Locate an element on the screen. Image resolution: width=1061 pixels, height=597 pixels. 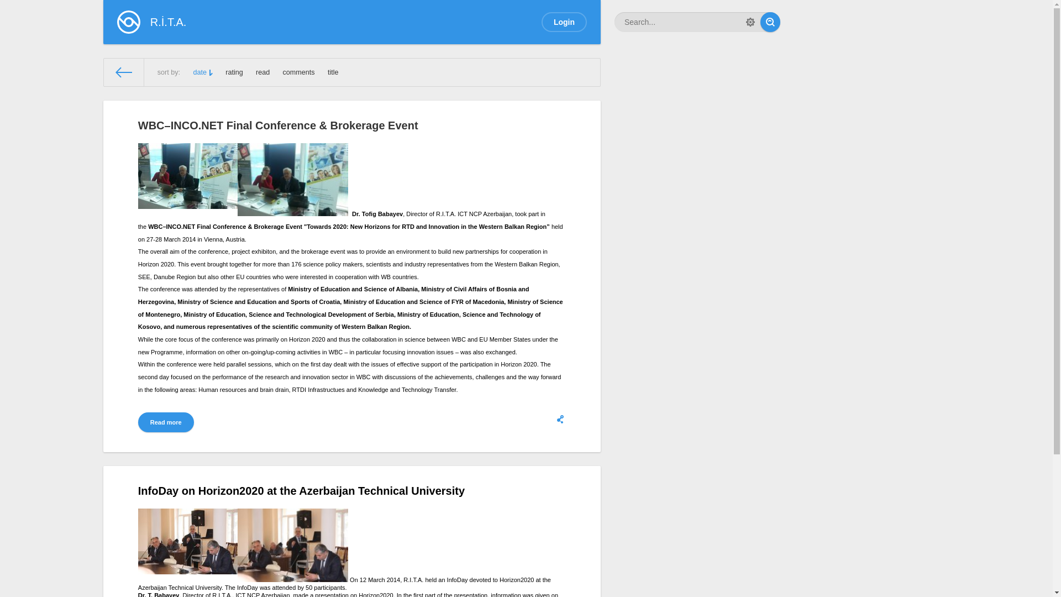
'title' is located at coordinates (333, 72).